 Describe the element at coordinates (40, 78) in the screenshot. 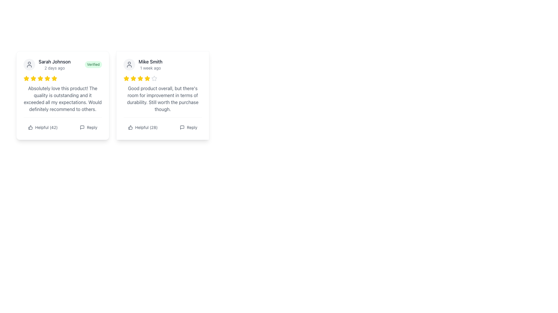

I see `the fourth star icon in the sequence of five stars representing a rating or review value given by the user for the product or service, located in the review card provided by 'Sarah Johnson'` at that location.